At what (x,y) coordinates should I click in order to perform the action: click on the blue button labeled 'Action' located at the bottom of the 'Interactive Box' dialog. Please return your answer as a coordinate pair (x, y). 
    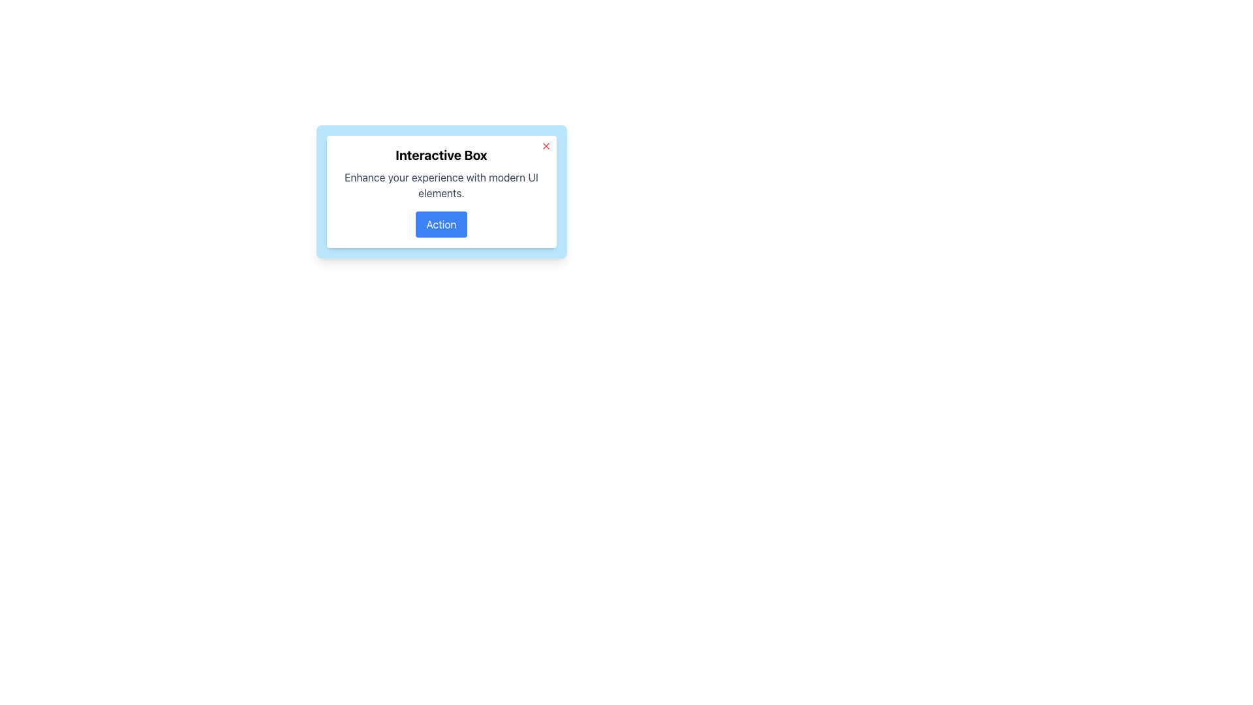
    Looking at the image, I should click on (441, 223).